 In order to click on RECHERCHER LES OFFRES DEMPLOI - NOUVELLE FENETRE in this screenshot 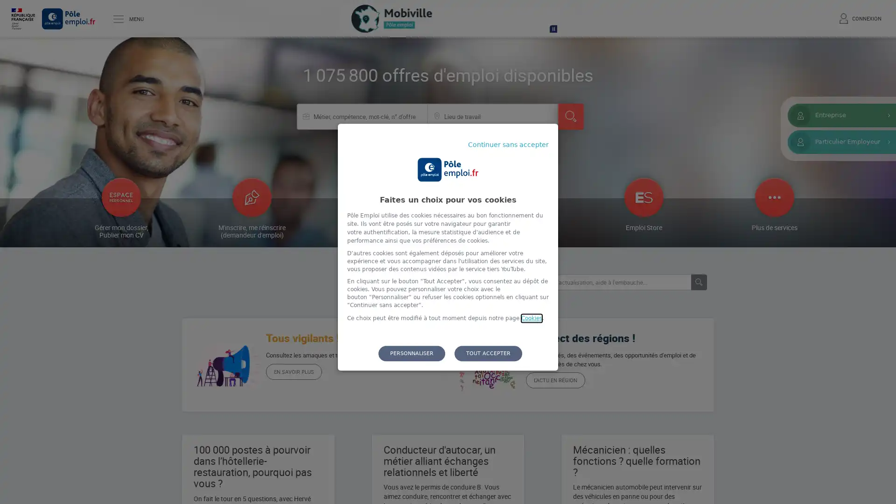, I will do `click(570, 116)`.